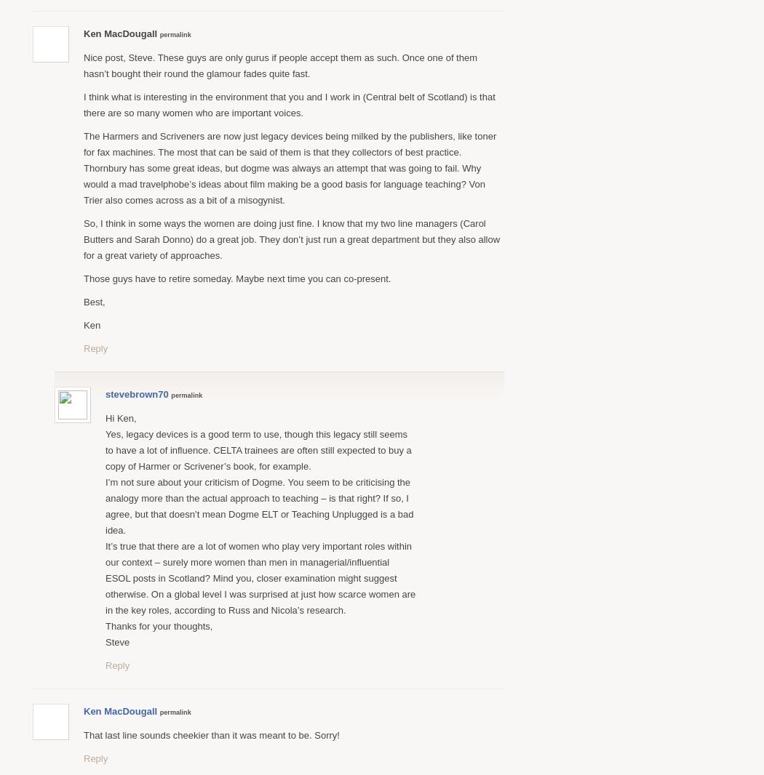 The width and height of the screenshot is (764, 775). What do you see at coordinates (280, 64) in the screenshot?
I see `'Nice post, Steve. These guys are only gurus if people accept them as such. Once one of them hasn’t bought their round the glamour fades quite fast.'` at bounding box center [280, 64].